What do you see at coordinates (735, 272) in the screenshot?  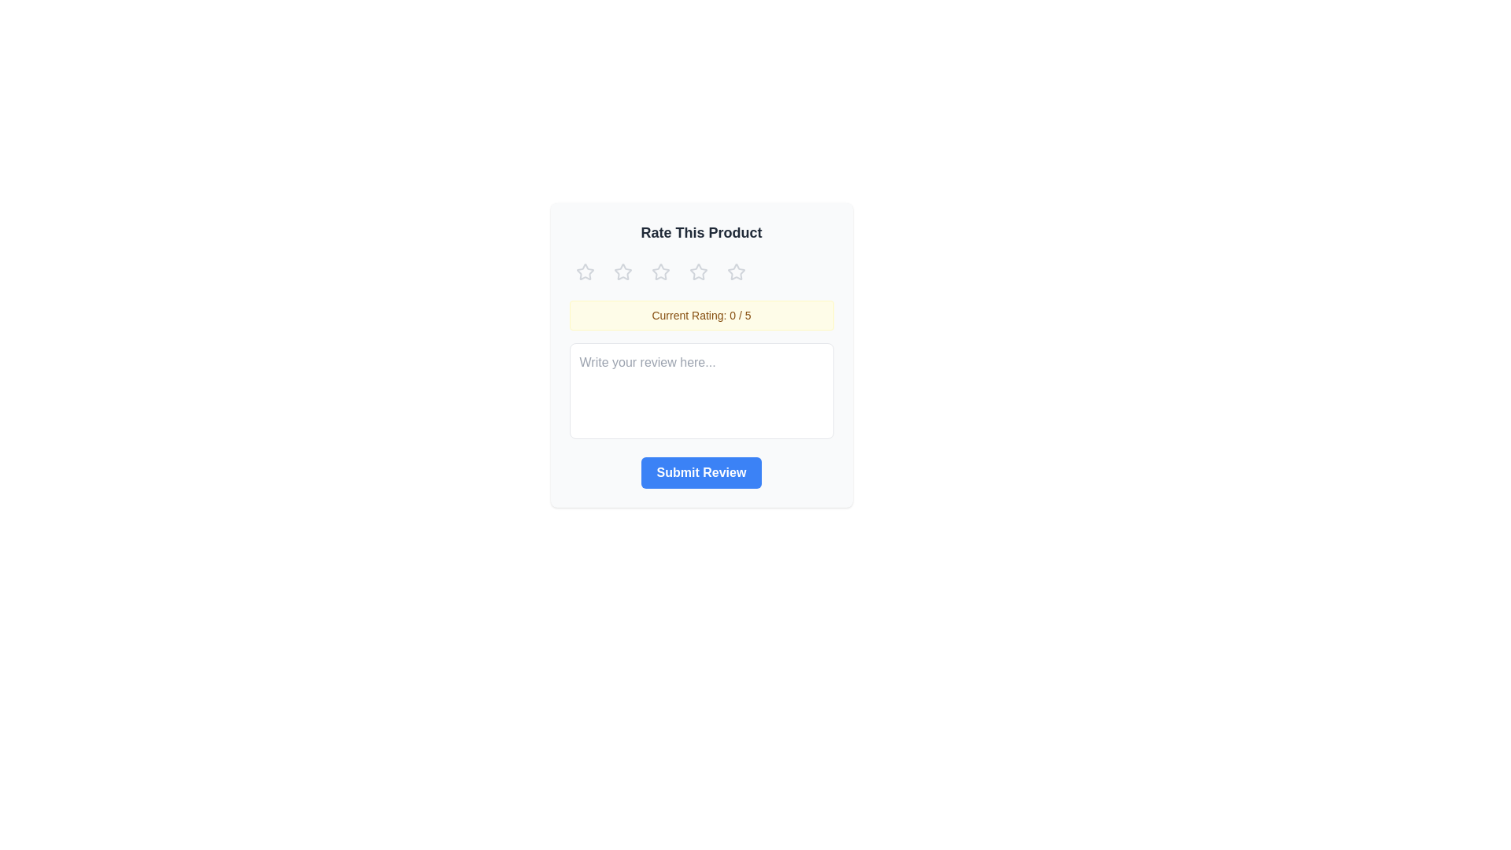 I see `the star corresponding to the desired rating 5` at bounding box center [735, 272].